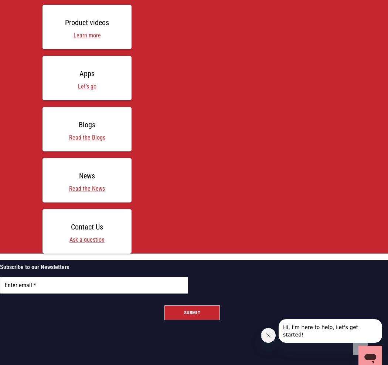 The width and height of the screenshot is (388, 365). What do you see at coordinates (87, 239) in the screenshot?
I see `'Ask a question'` at bounding box center [87, 239].